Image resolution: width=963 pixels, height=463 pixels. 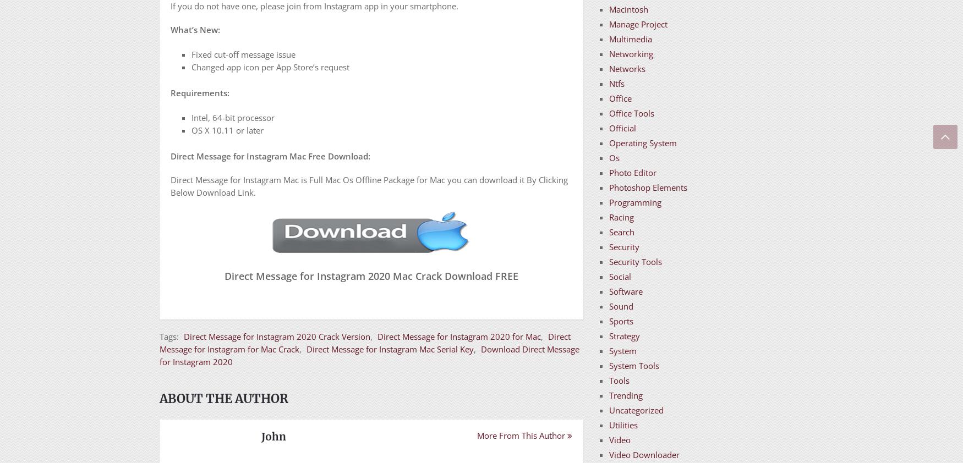 What do you see at coordinates (459, 335) in the screenshot?
I see `'Direct Message for Instagram 2020 for Mac'` at bounding box center [459, 335].